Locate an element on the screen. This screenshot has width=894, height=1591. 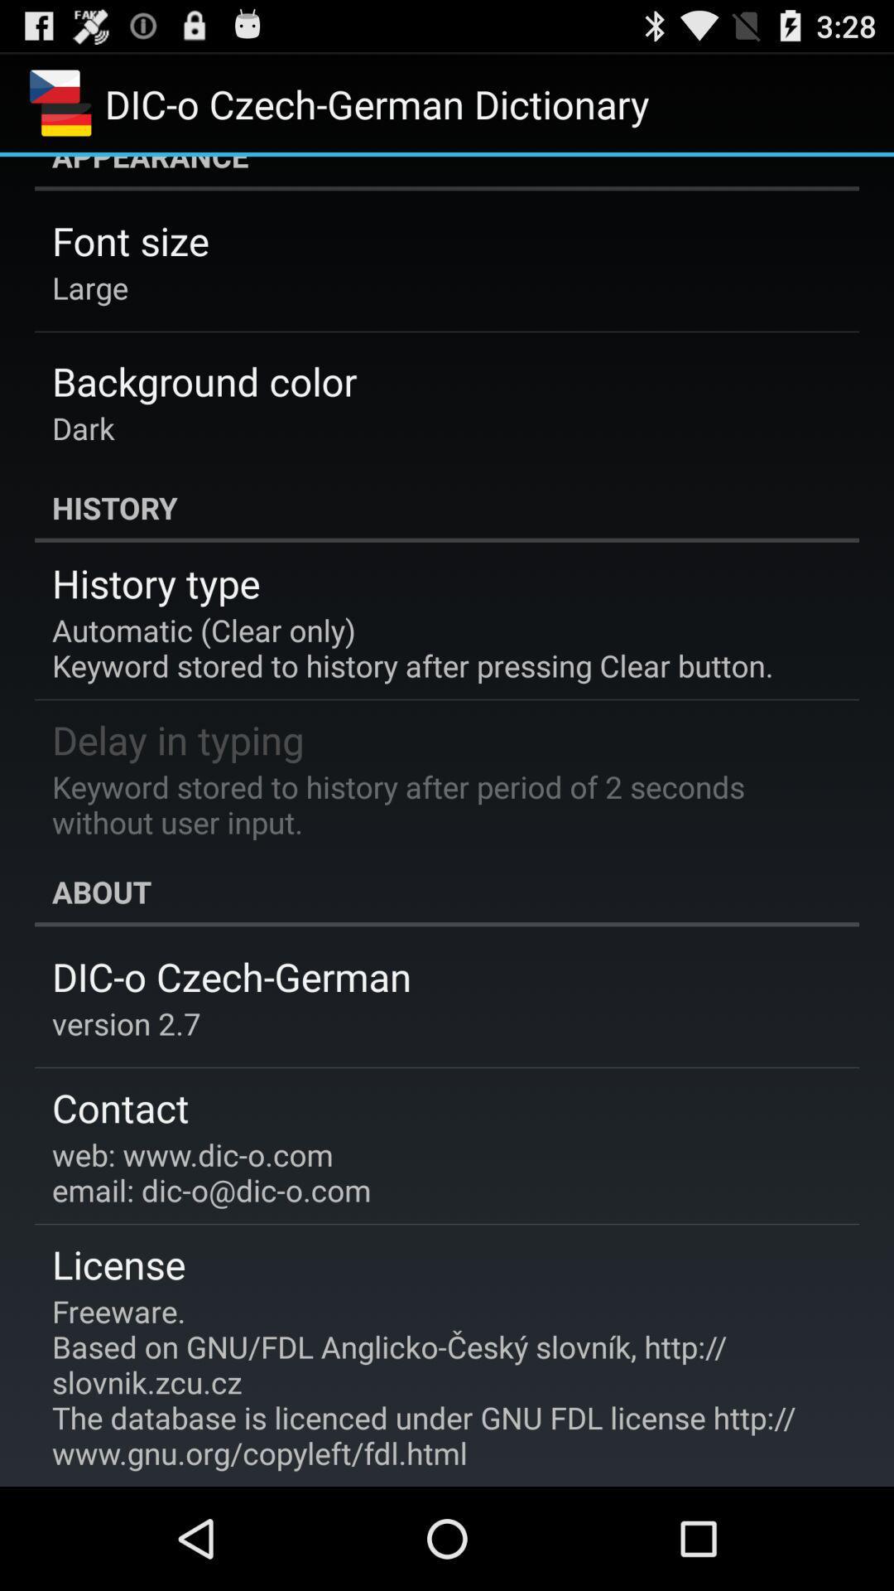
dark app is located at coordinates (83, 428).